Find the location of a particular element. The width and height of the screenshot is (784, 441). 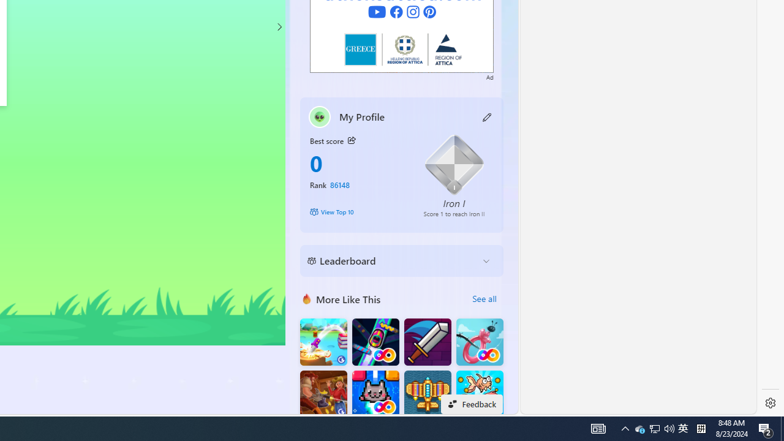

'Class: control' is located at coordinates (278, 26).